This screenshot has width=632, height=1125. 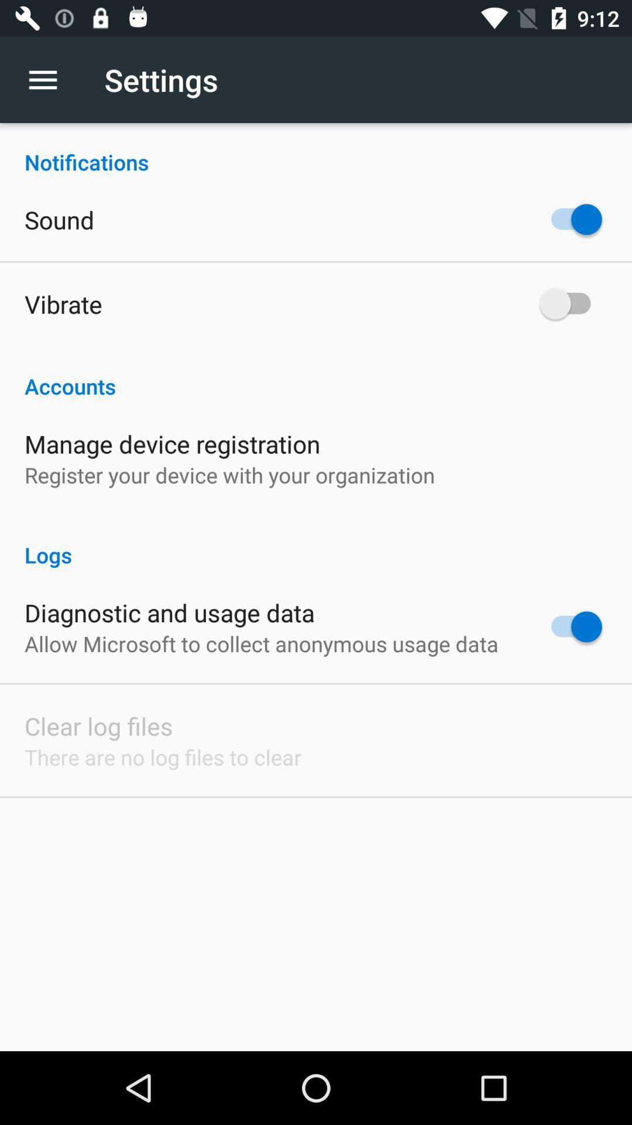 I want to click on the notifications, so click(x=316, y=149).